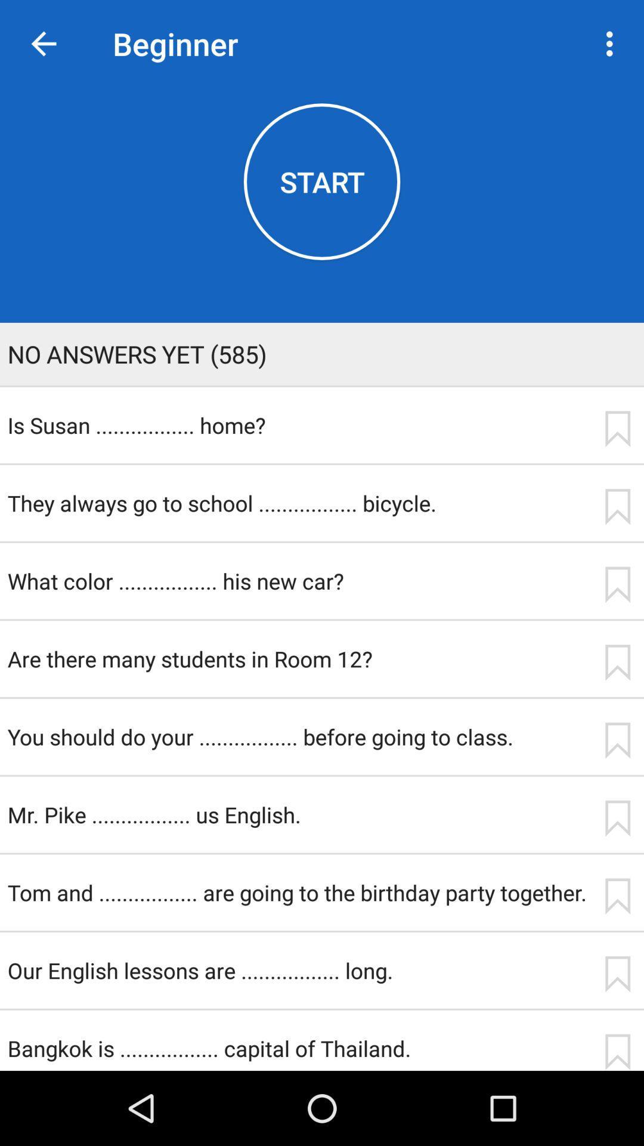 Image resolution: width=644 pixels, height=1146 pixels. I want to click on bookmark question, so click(617, 974).